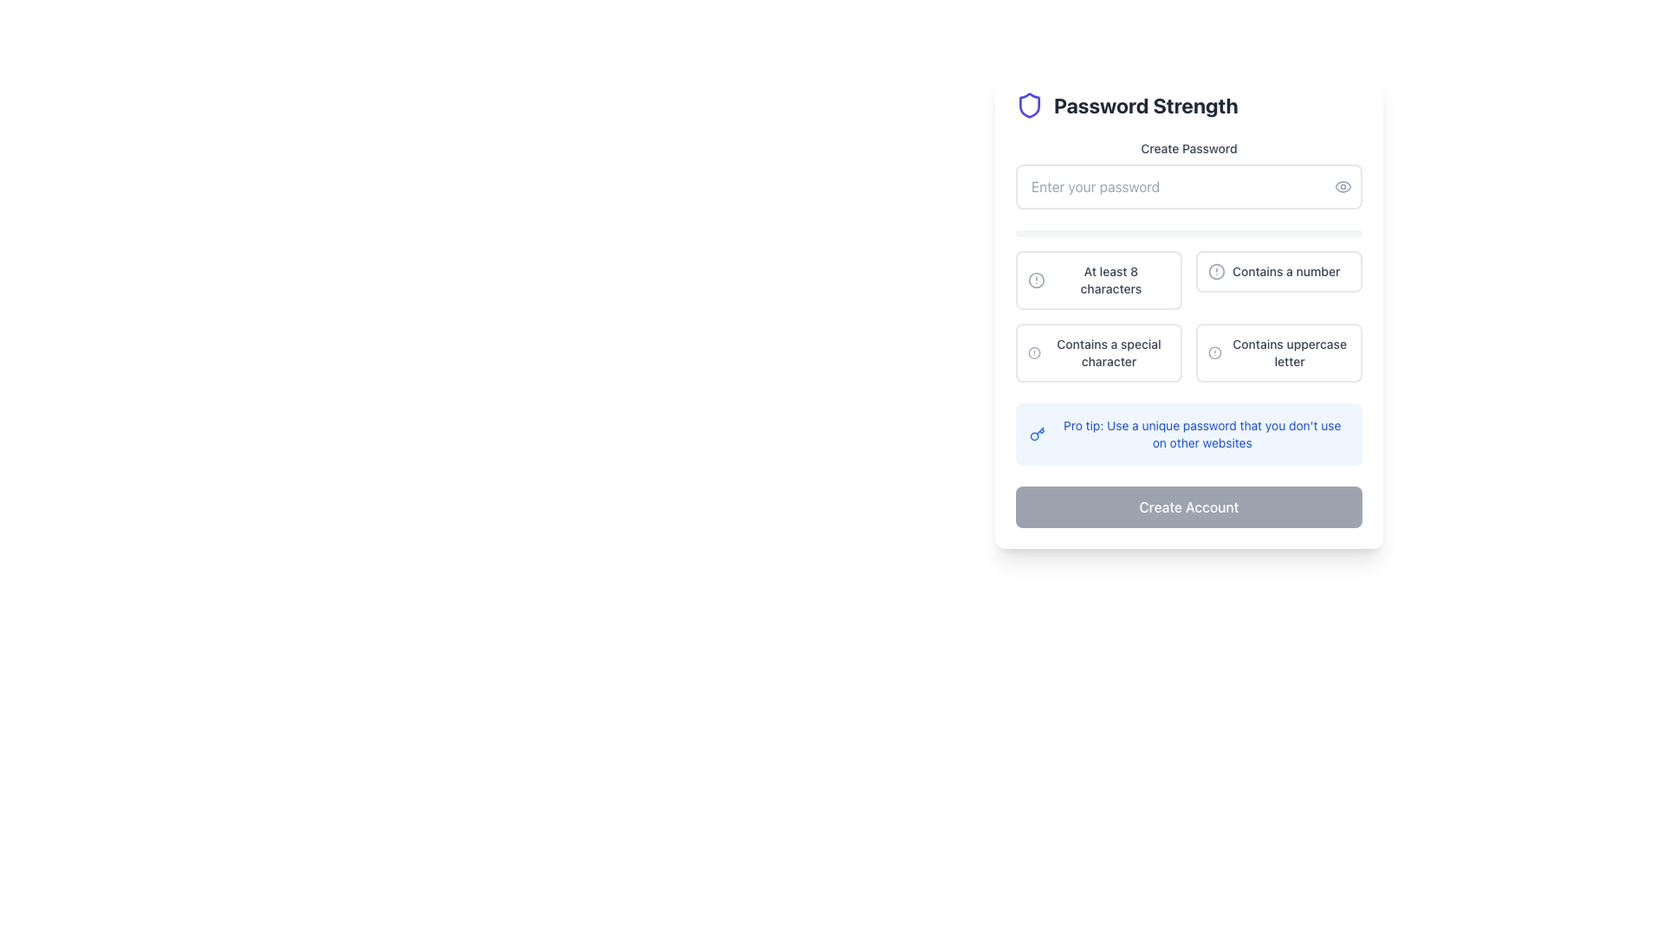  I want to click on the informational text element regarding password strength that checks for the presence of special characters, positioned in the bottom row of the grid layout, so click(1097, 352).